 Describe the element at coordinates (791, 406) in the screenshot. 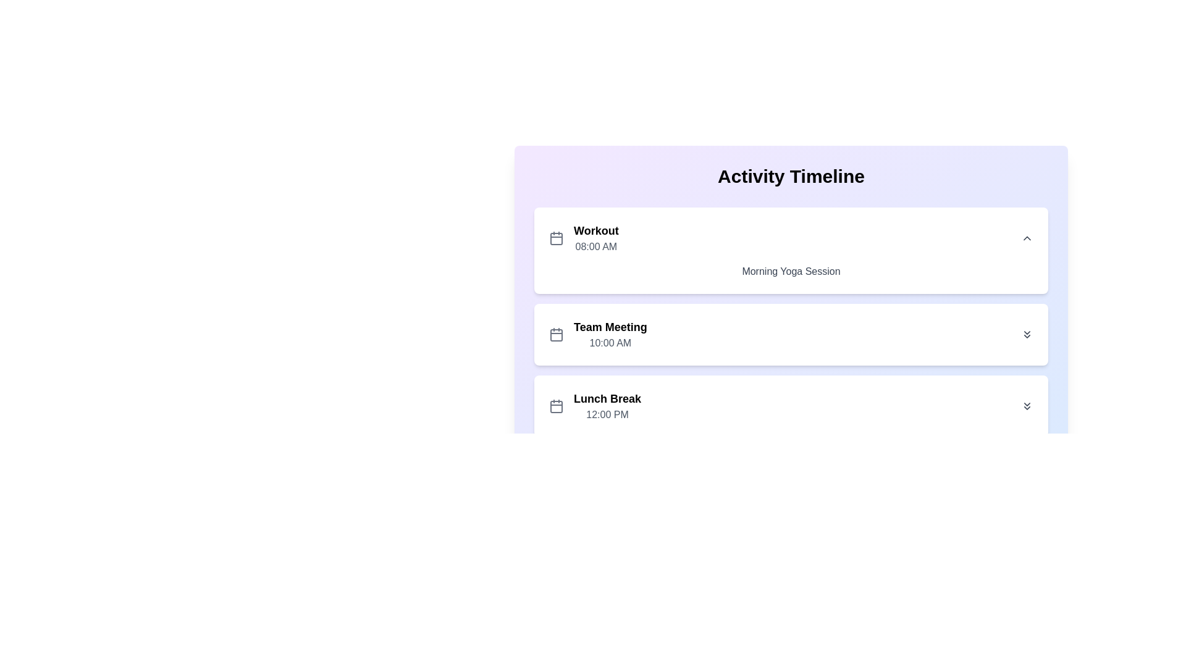

I see `the Schedule Entry representing the lunch break at 12:00 PM in the Activity Timeline, which is the third item in the vertical list` at that location.